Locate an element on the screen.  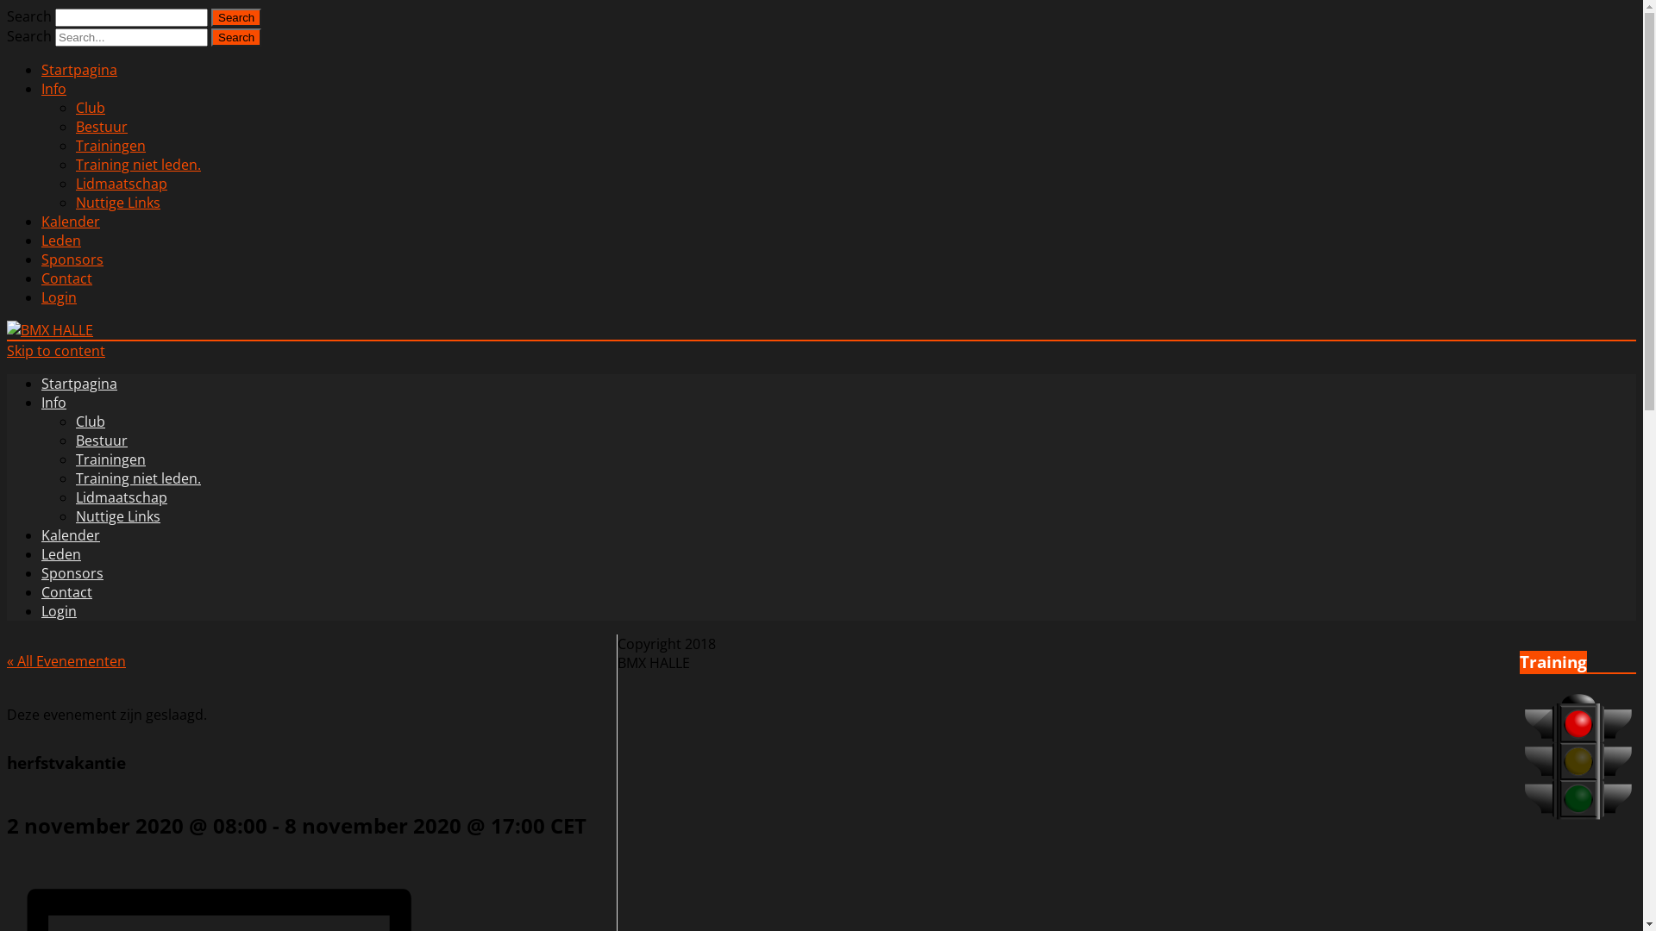
'Kalender' is located at coordinates (69, 534).